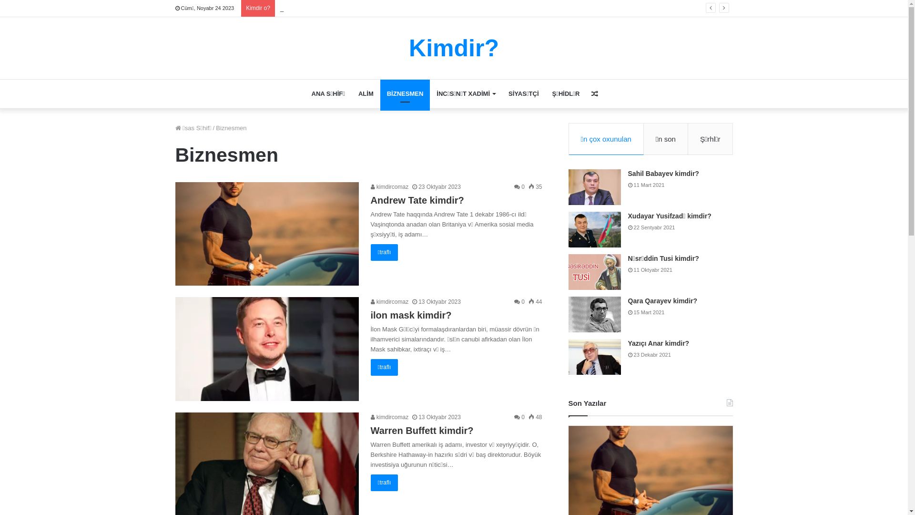 Image resolution: width=915 pixels, height=515 pixels. What do you see at coordinates (389, 187) in the screenshot?
I see `'kimdircomaz'` at bounding box center [389, 187].